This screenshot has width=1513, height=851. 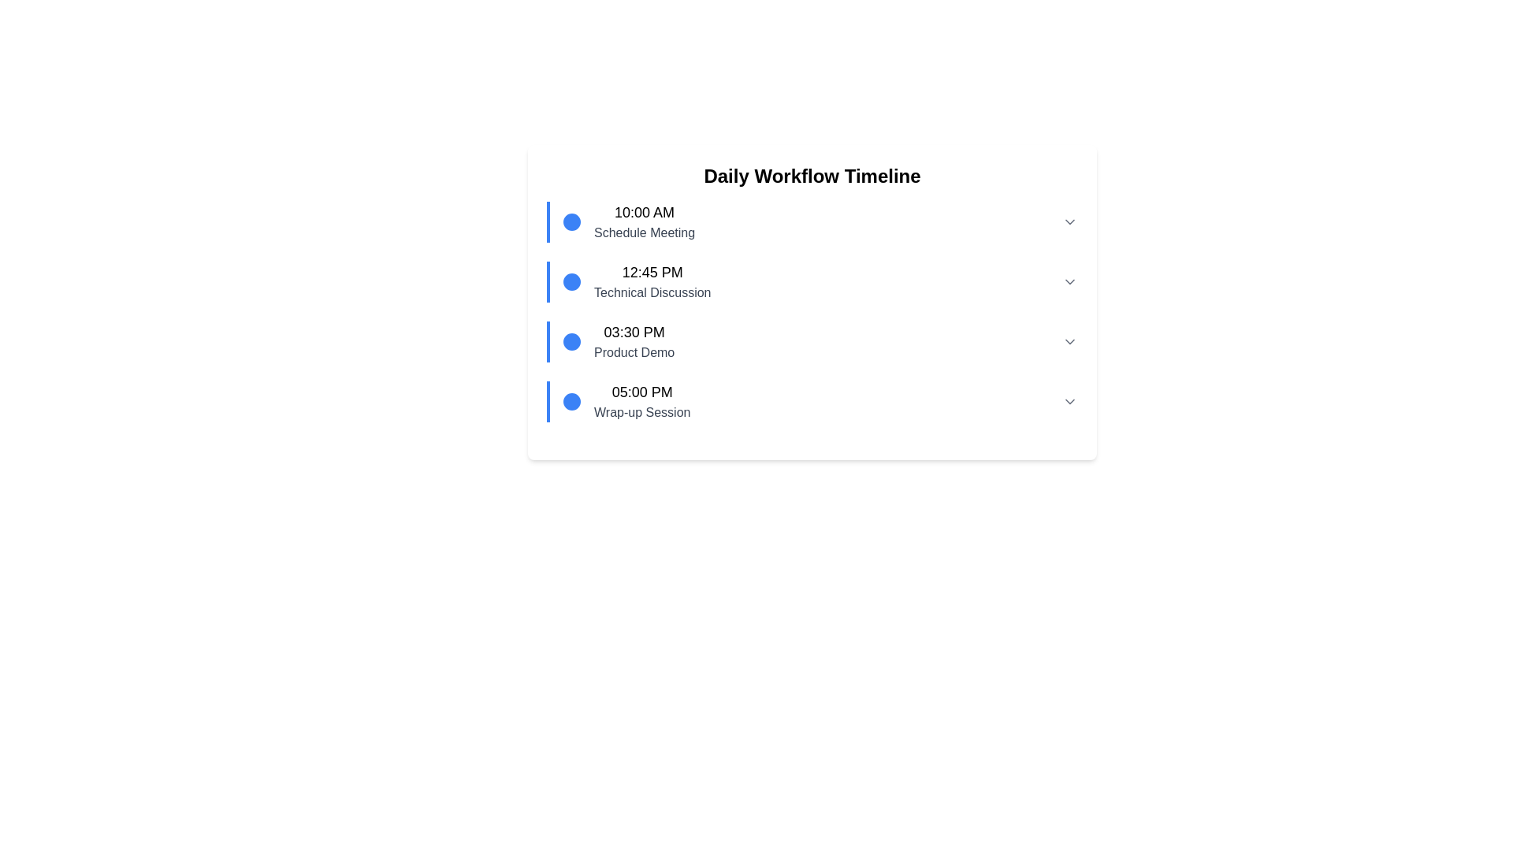 What do you see at coordinates (812, 281) in the screenshot?
I see `the second entry in the daily workflow timeline` at bounding box center [812, 281].